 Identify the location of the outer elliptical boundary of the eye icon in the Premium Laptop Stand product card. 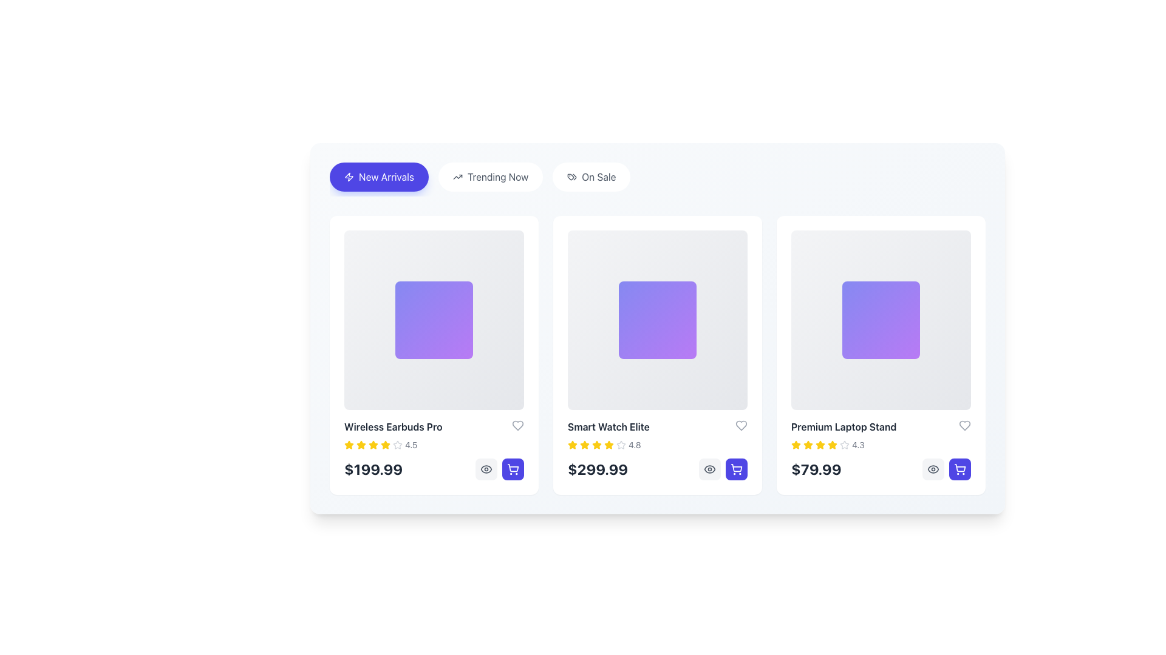
(932, 469).